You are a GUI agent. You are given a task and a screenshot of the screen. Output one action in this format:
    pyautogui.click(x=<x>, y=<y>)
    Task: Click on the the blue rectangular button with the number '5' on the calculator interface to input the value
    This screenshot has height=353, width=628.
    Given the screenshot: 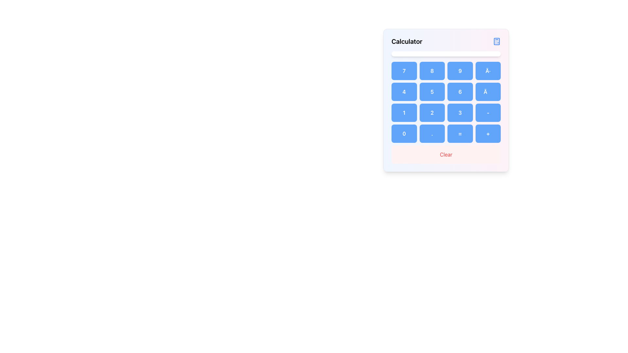 What is the action you would take?
    pyautogui.click(x=432, y=92)
    